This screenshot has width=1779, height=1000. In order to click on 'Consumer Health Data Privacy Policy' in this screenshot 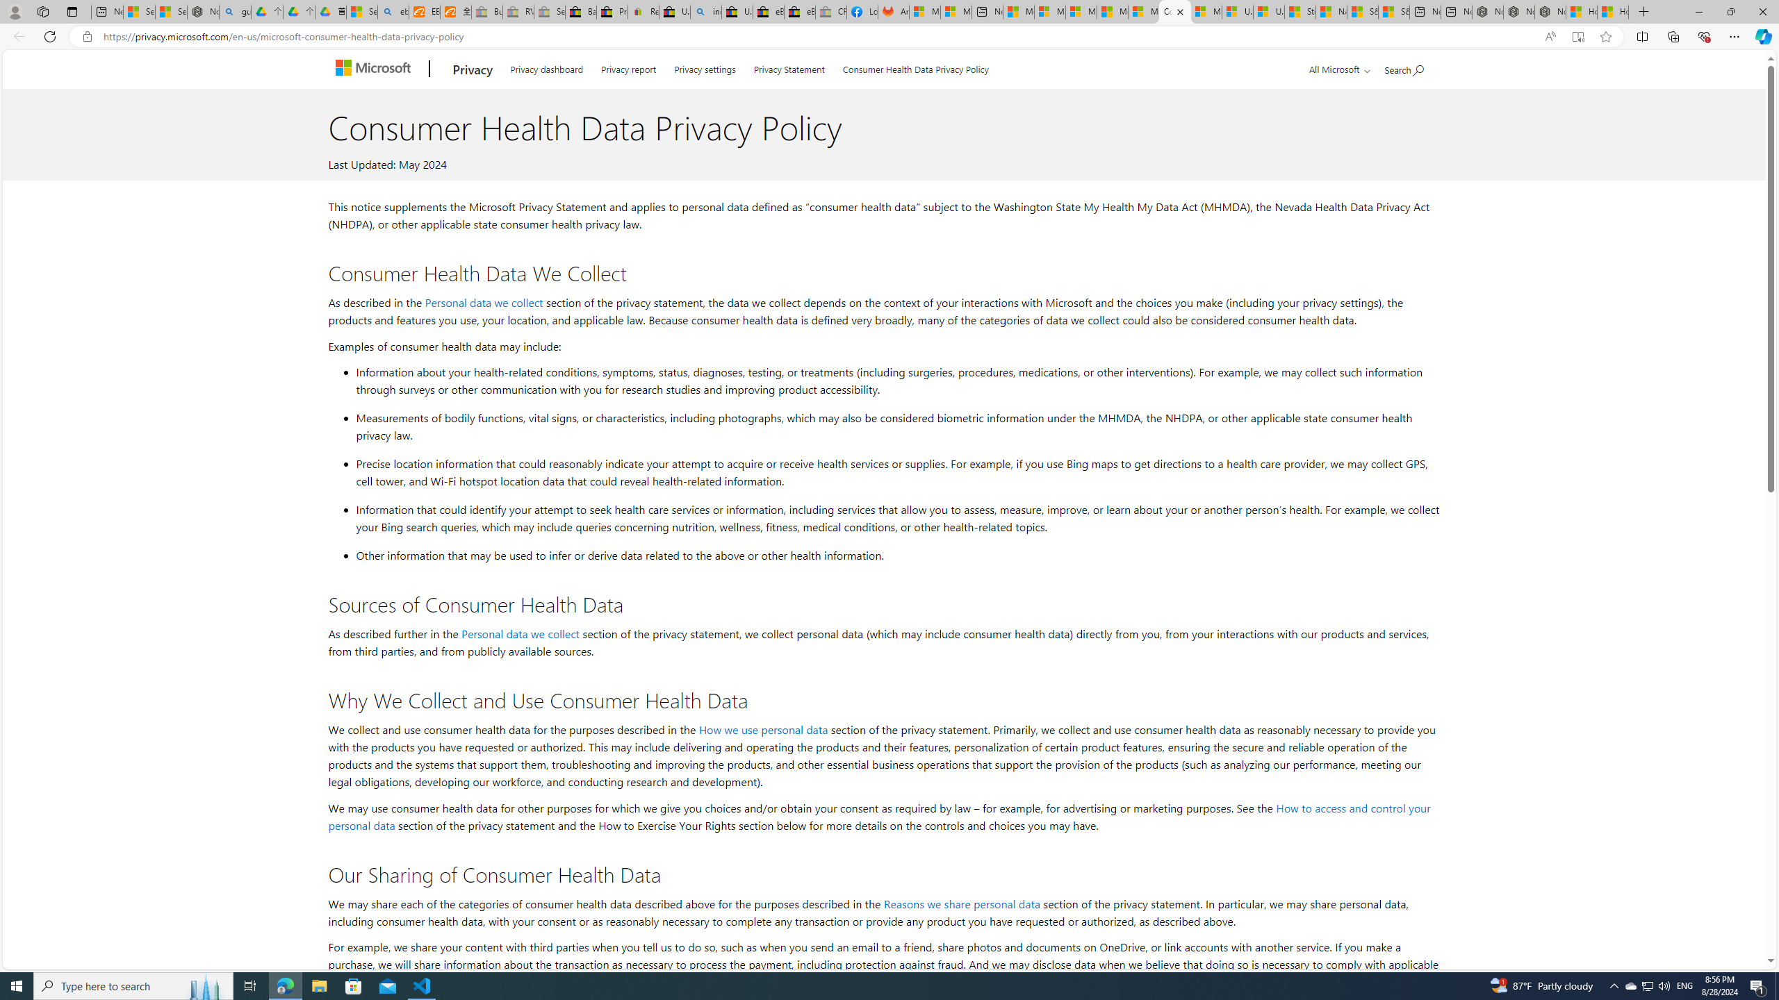, I will do `click(915, 67)`.